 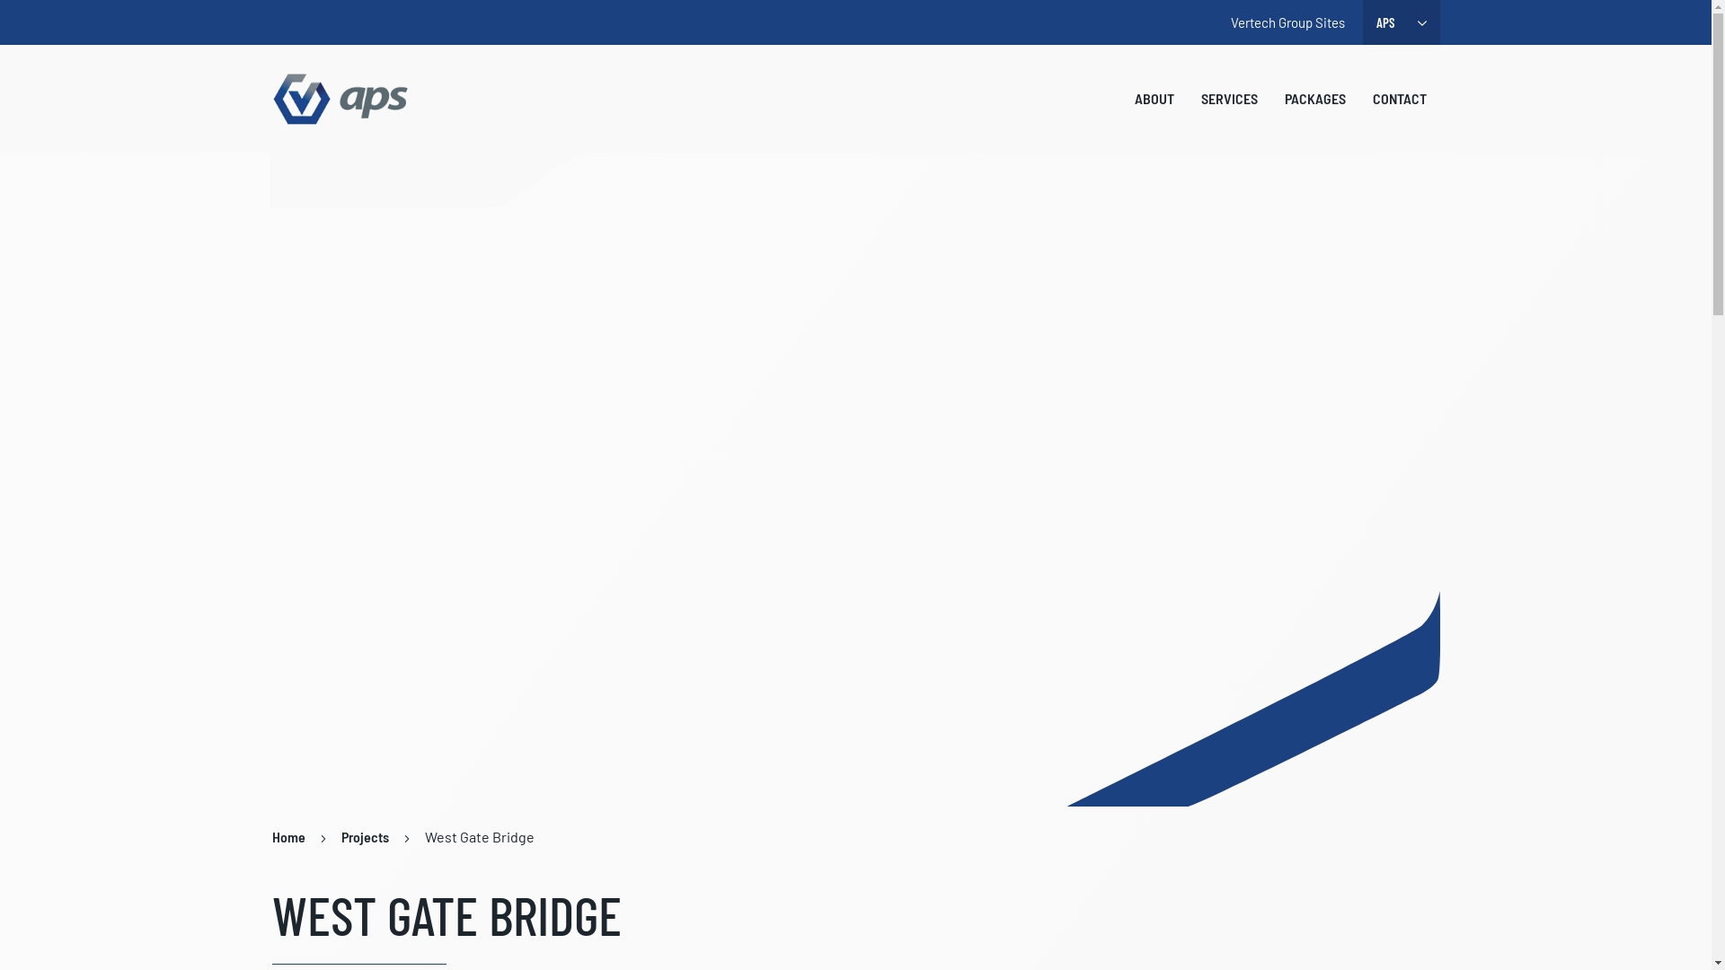 What do you see at coordinates (1228, 99) in the screenshot?
I see `'SERVICES'` at bounding box center [1228, 99].